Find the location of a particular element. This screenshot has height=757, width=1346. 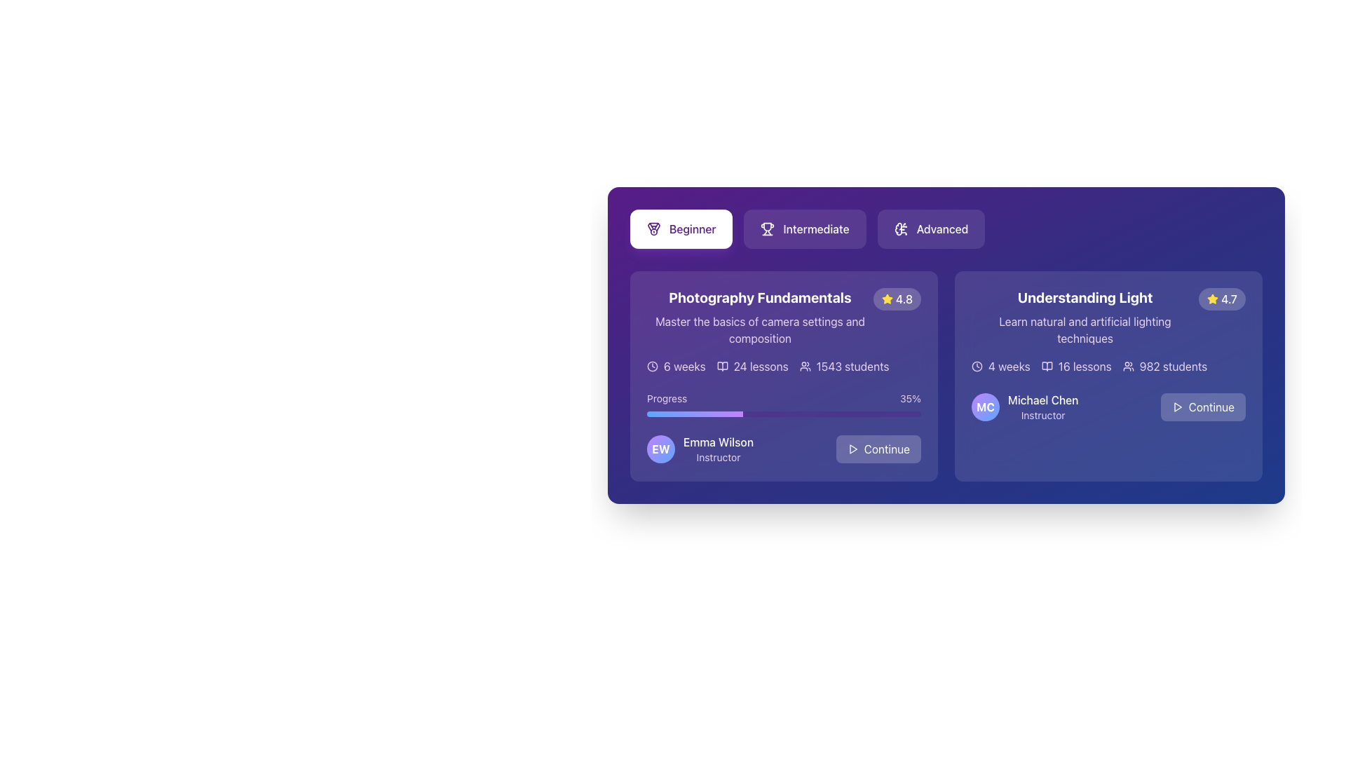

the static text label displaying the number of students enrolled in the 'Photography Fundamentals' course, located to the right of the group icon is located at coordinates (852, 366).